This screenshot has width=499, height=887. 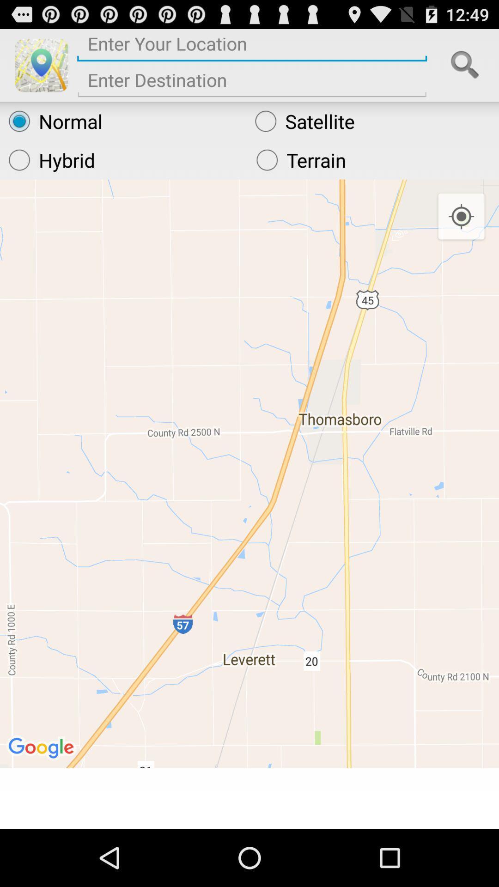 I want to click on radio button to the right of hybrid icon, so click(x=373, y=160).